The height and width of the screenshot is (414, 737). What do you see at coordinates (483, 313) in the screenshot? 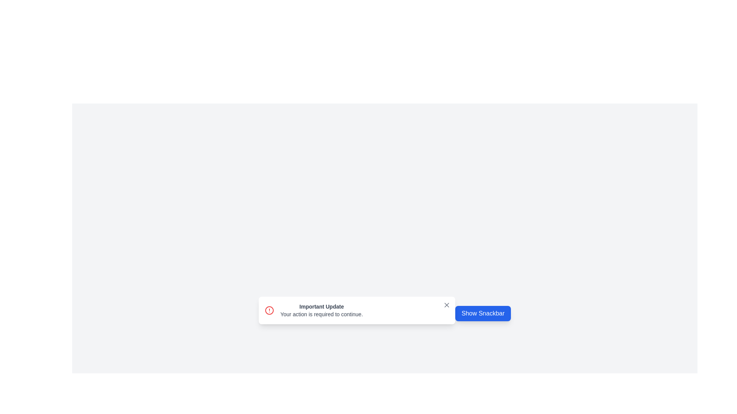
I see `the 'Show Snackbar' button to reactivate the snackbar` at bounding box center [483, 313].